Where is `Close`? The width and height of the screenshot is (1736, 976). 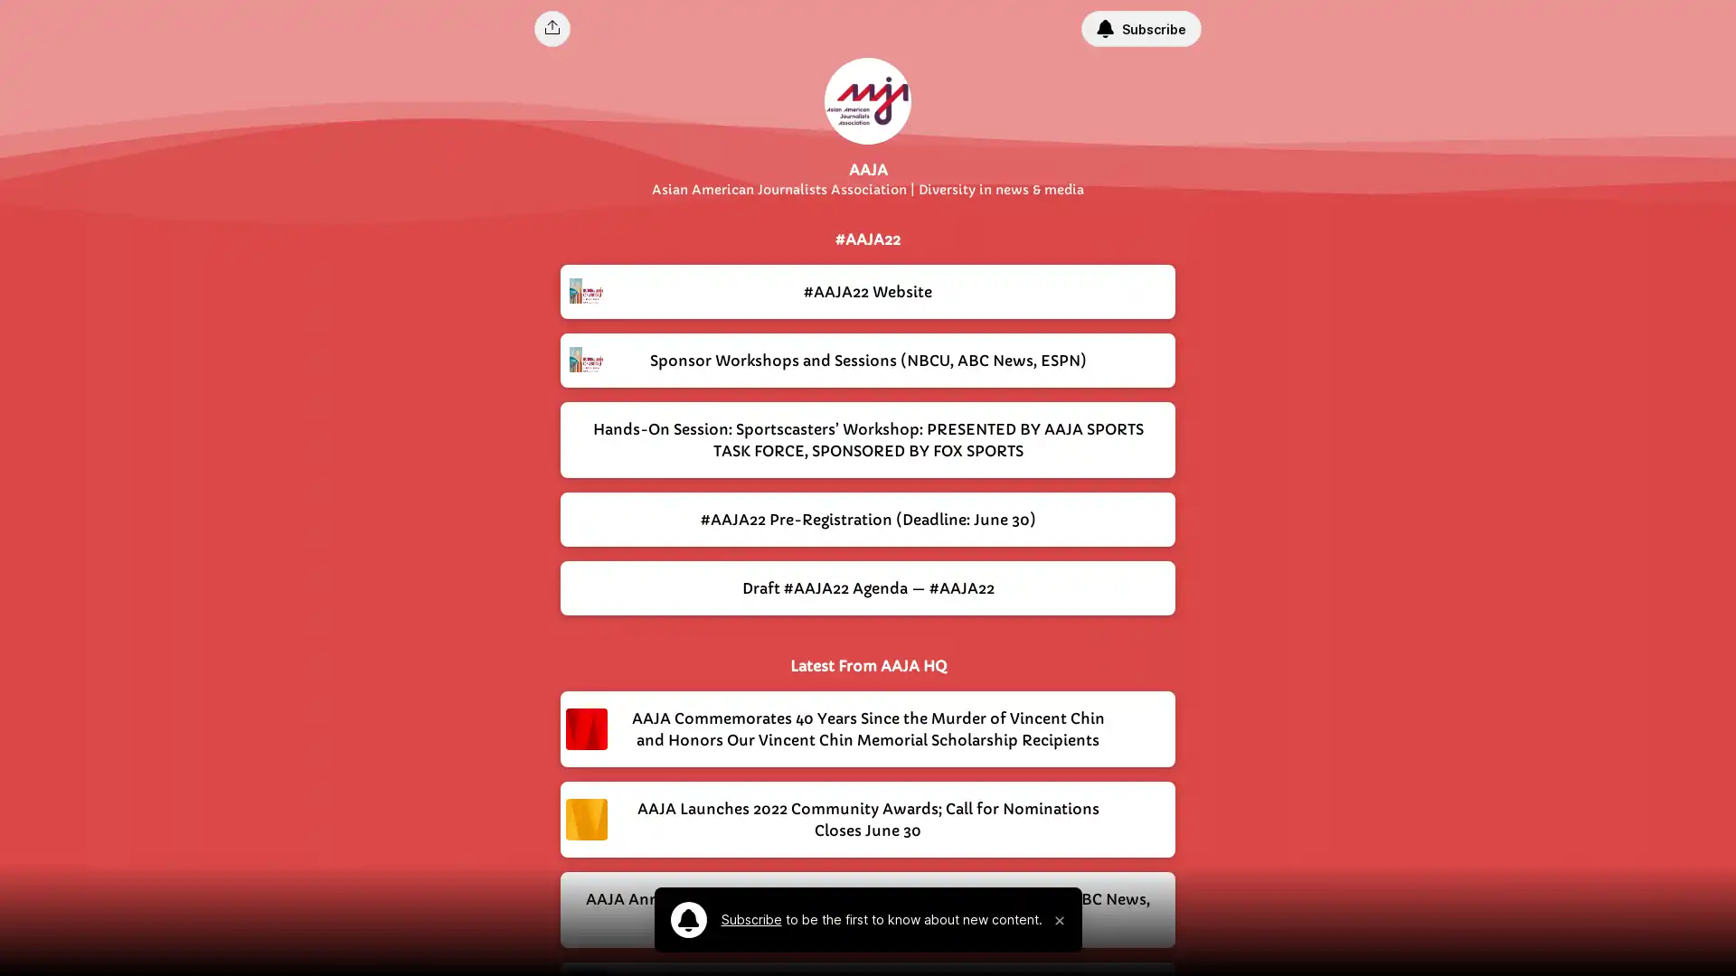 Close is located at coordinates (1705, 934).